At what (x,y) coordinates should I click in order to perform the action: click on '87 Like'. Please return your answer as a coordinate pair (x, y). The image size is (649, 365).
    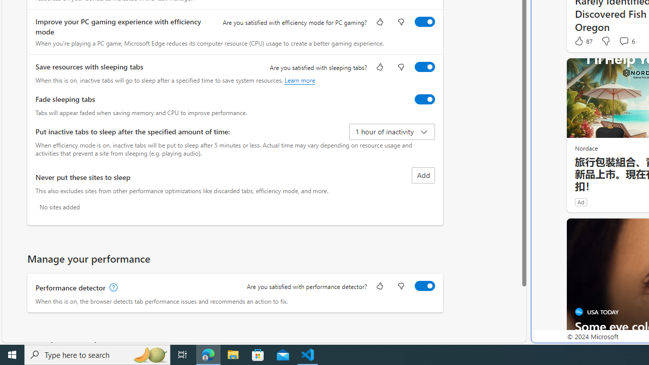
    Looking at the image, I should click on (583, 41).